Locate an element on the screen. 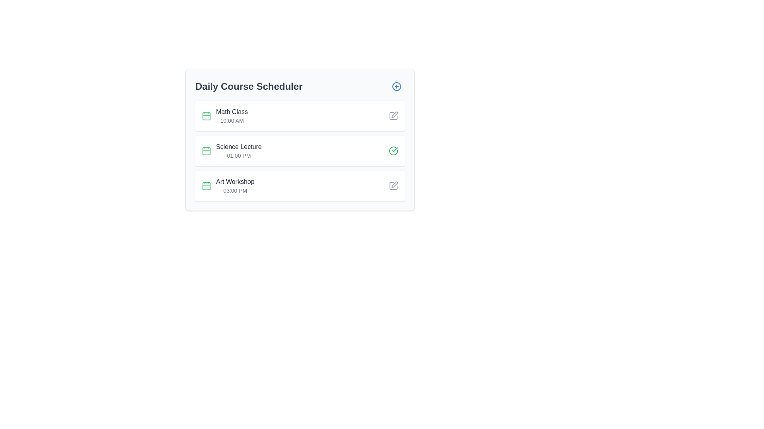 This screenshot has width=764, height=429. the first list item in the 'Daily Course Scheduler' card, which displays 'Math Class' with a calendar icon is located at coordinates (224, 116).